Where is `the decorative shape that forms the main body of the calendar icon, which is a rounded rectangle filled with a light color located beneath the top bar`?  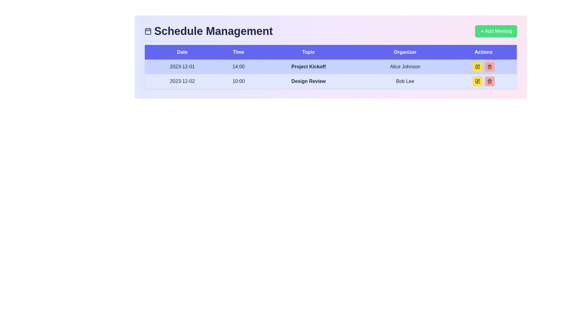
the decorative shape that forms the main body of the calendar icon, which is a rounded rectangle filled with a light color located beneath the top bar is located at coordinates (148, 32).